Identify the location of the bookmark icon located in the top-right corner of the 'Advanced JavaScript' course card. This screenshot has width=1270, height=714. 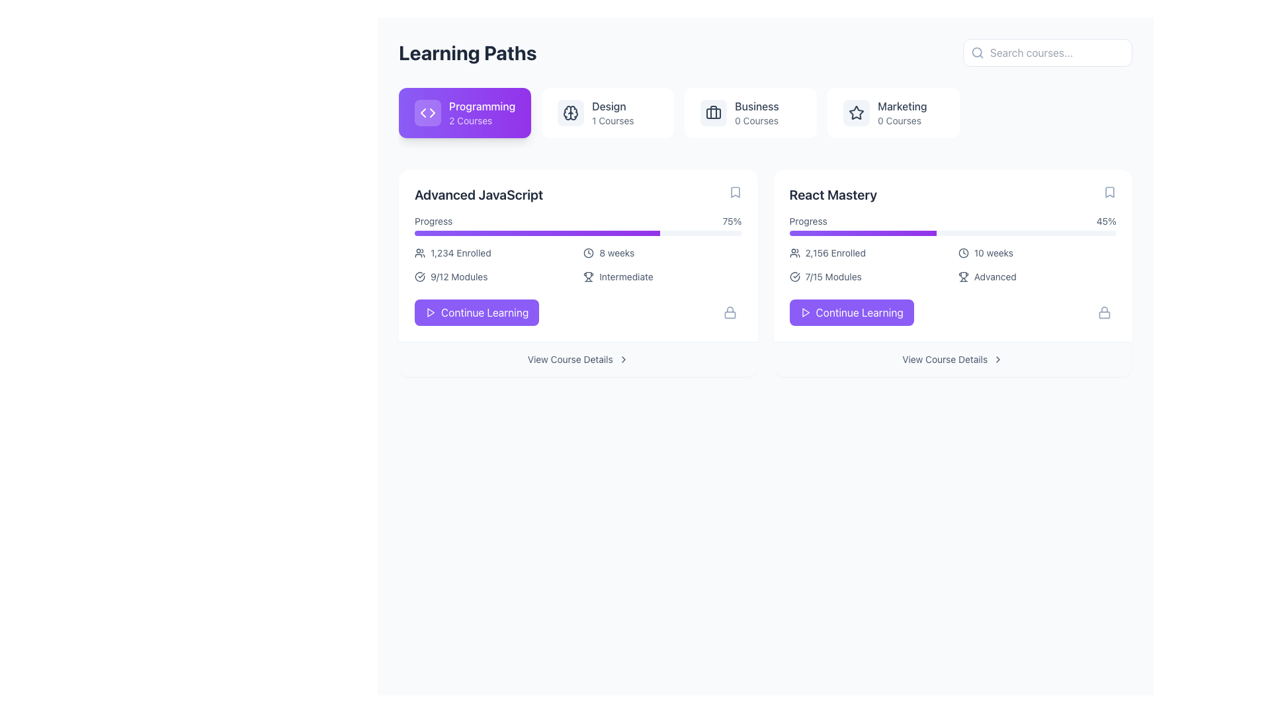
(734, 192).